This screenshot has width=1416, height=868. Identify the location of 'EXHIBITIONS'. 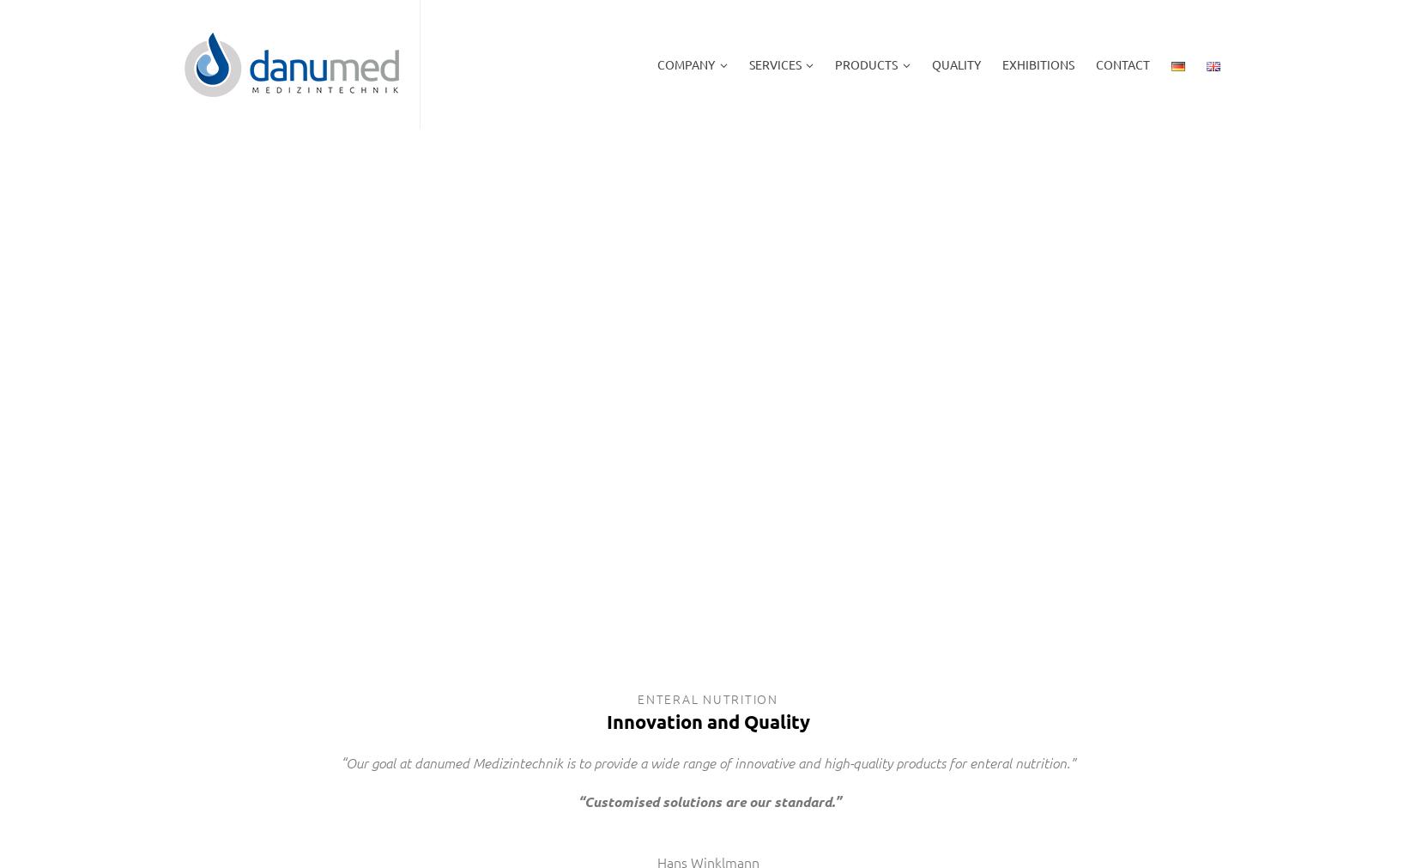
(1038, 64).